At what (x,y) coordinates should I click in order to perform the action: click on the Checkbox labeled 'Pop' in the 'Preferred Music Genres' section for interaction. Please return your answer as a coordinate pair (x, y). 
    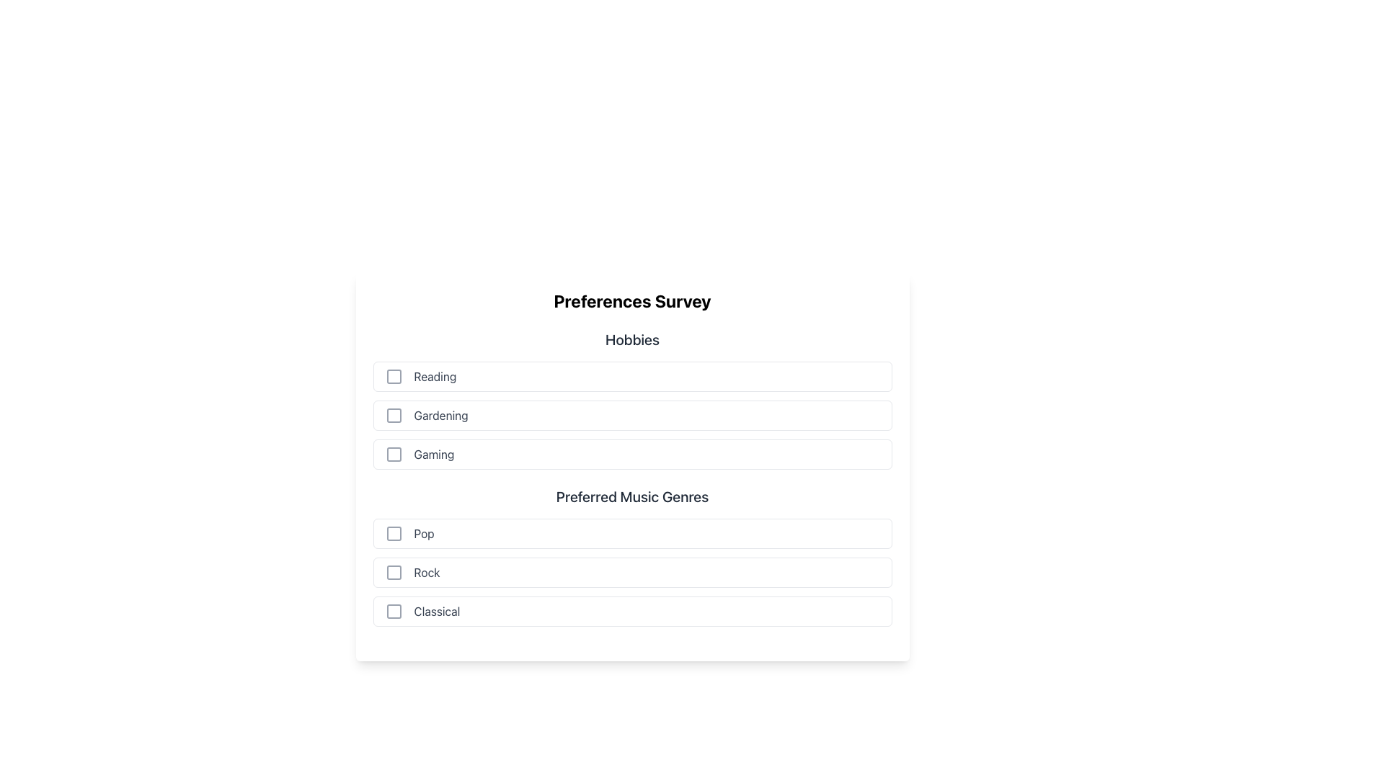
    Looking at the image, I should click on (632, 533).